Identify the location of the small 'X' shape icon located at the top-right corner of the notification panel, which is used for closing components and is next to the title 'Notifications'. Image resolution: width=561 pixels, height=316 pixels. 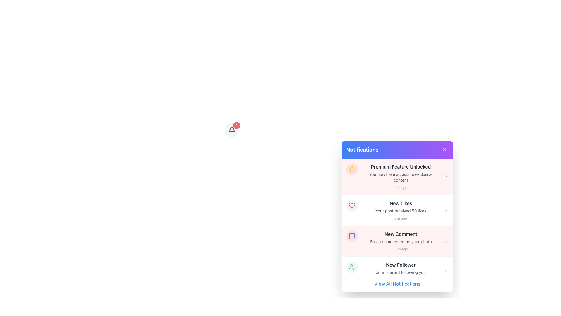
(444, 150).